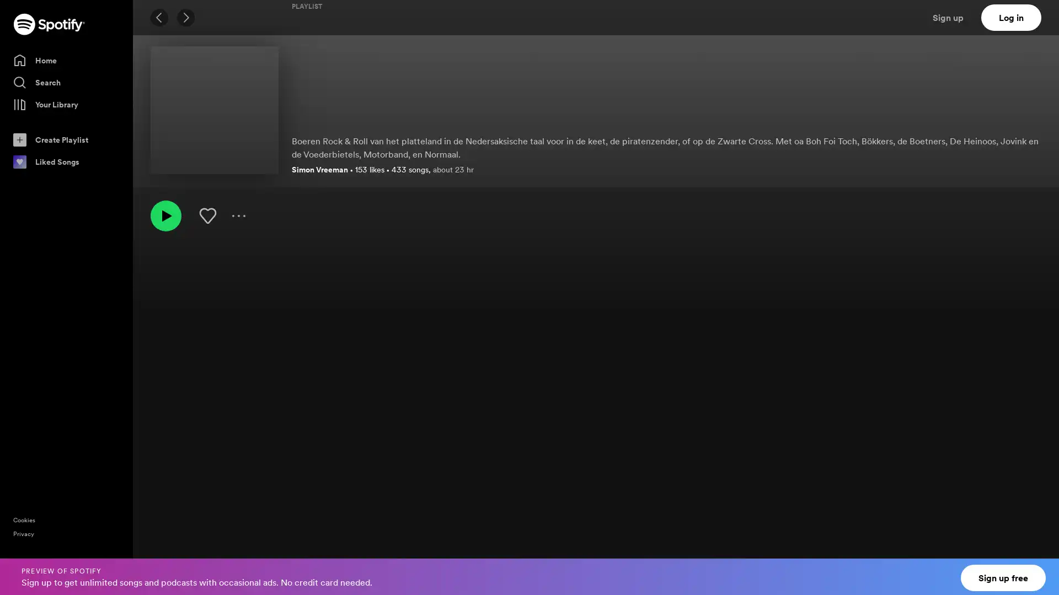  Describe the element at coordinates (164, 321) in the screenshot. I see `Play Platteland by Band For Farmers` at that location.